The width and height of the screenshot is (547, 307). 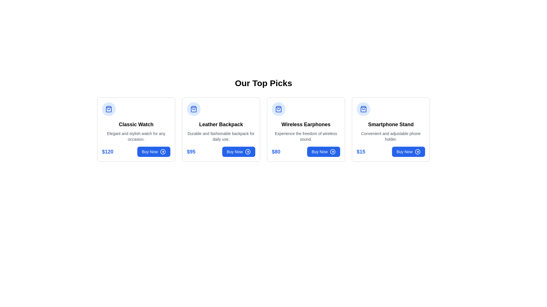 What do you see at coordinates (391, 129) in the screenshot?
I see `the title or description of the 'Smartphone Stand' product card, which is the fourth card on the right in the product grid` at bounding box center [391, 129].